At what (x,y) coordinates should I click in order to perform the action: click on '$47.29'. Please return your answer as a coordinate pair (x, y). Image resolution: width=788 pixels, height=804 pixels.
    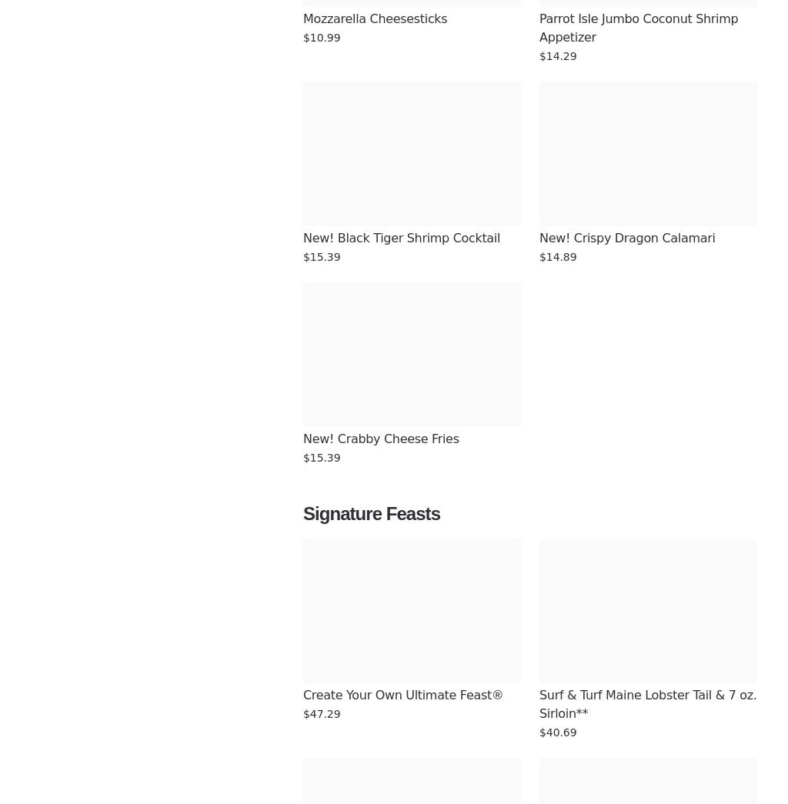
    Looking at the image, I should click on (320, 713).